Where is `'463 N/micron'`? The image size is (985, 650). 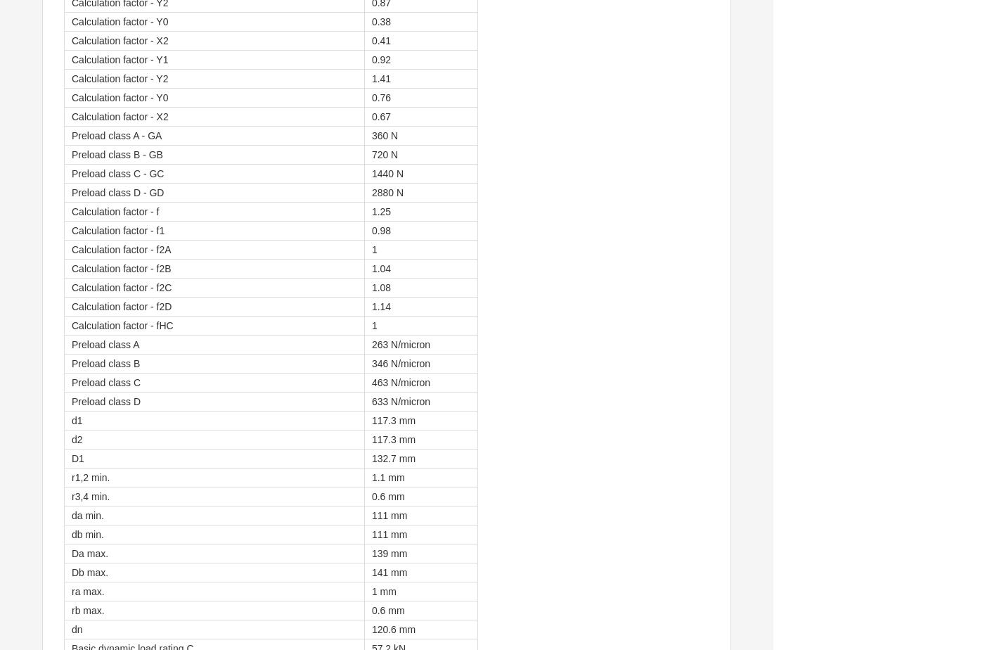 '463 N/micron' is located at coordinates (371, 382).